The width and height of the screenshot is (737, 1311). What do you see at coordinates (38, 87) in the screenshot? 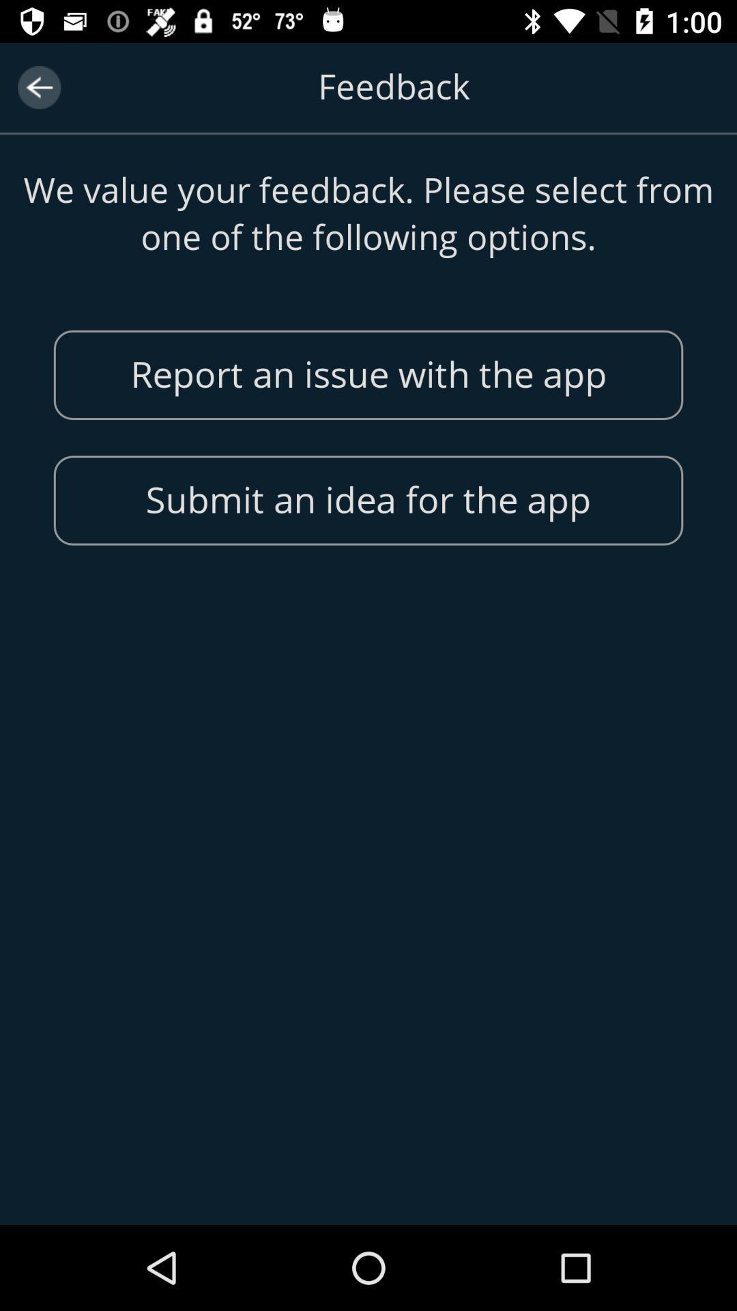
I see `the arrow_backward icon` at bounding box center [38, 87].